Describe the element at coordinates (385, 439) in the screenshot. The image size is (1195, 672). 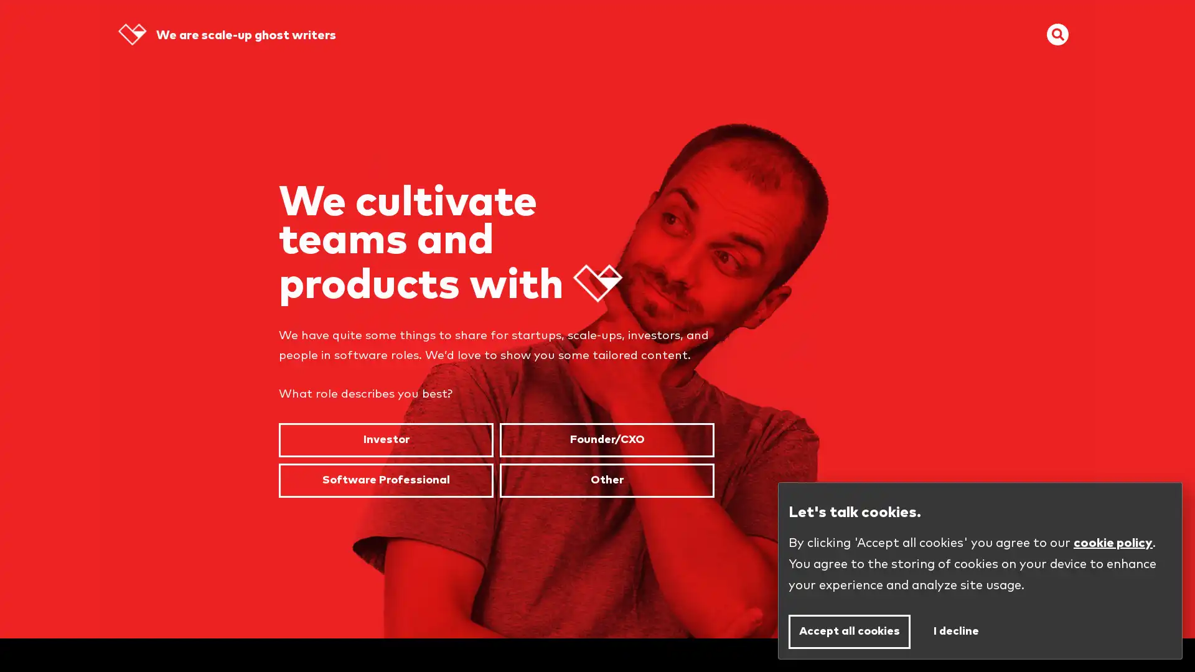
I see `Investor` at that location.